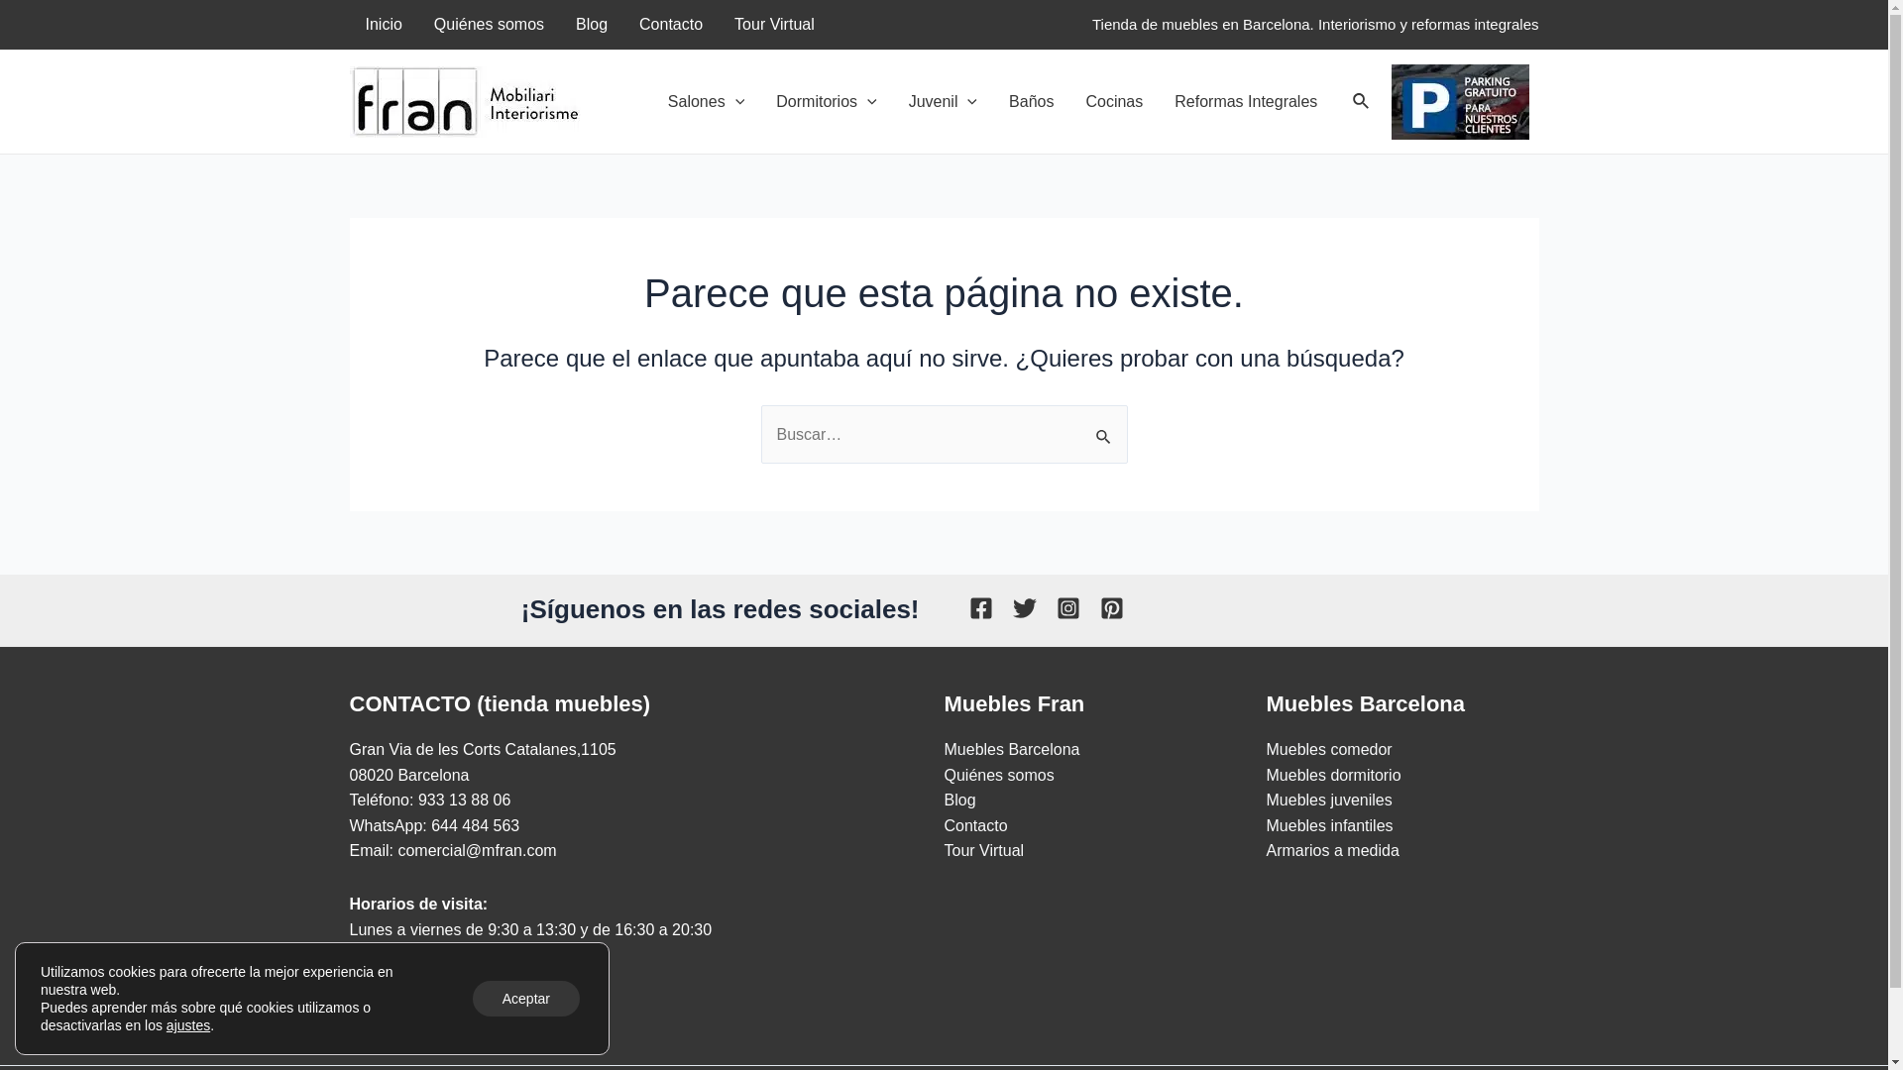 Image resolution: width=1903 pixels, height=1070 pixels. Describe the element at coordinates (1011, 749) in the screenshot. I see `'Muebles Barcelona'` at that location.